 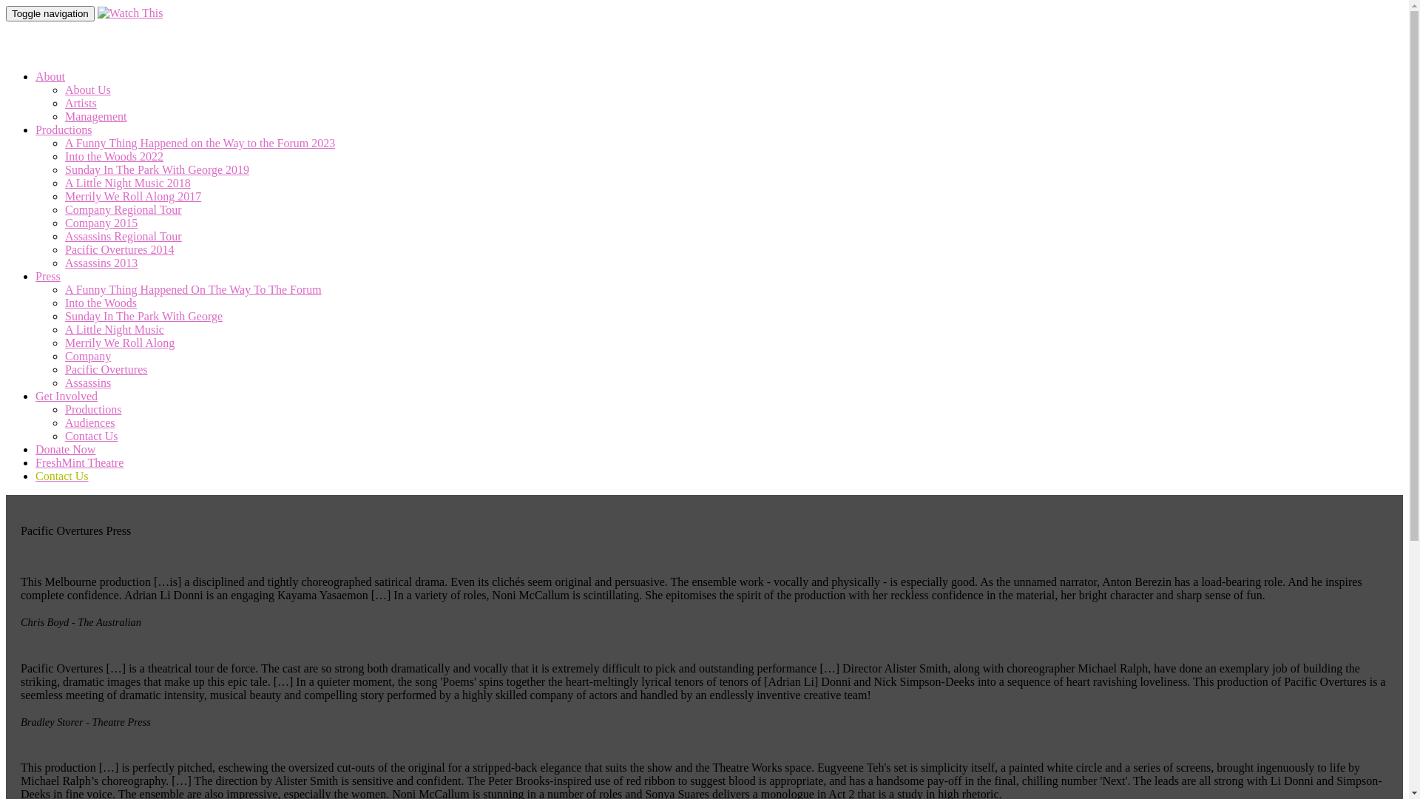 What do you see at coordinates (87, 382) in the screenshot?
I see `'Assassins'` at bounding box center [87, 382].